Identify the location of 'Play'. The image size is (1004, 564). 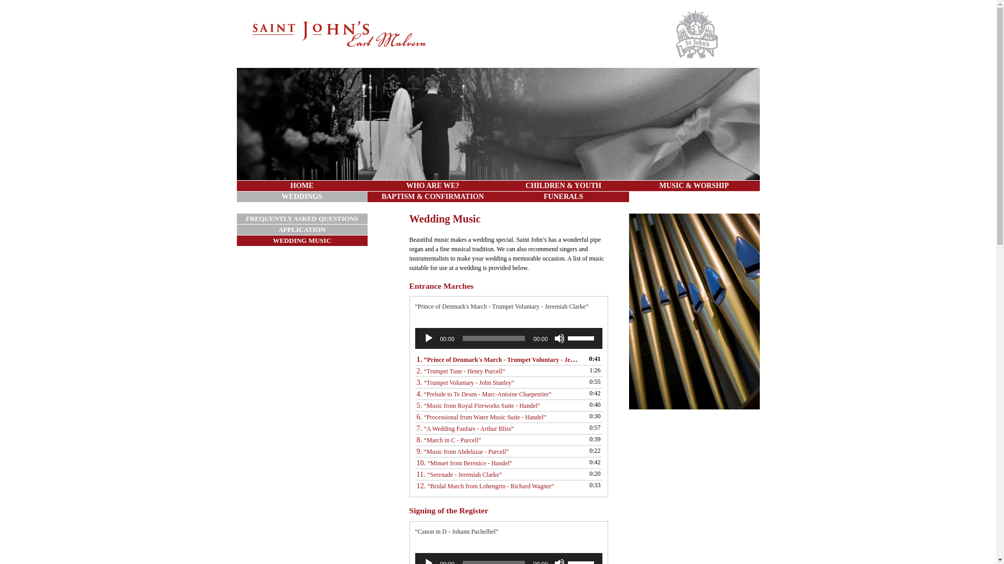
(429, 338).